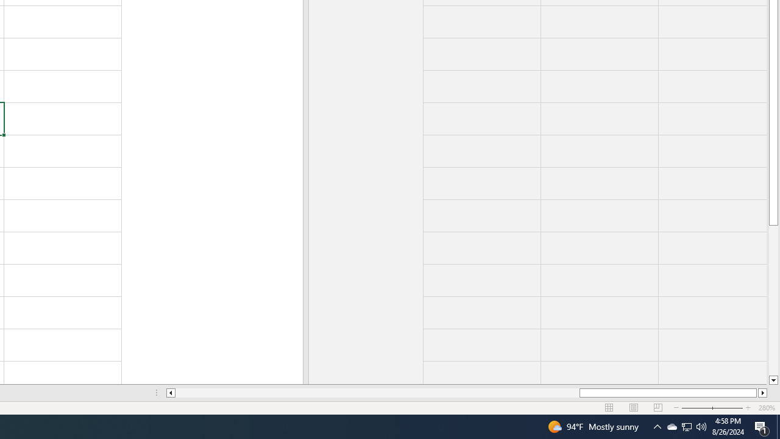  Describe the element at coordinates (634, 408) in the screenshot. I see `'Page Layout'` at that location.